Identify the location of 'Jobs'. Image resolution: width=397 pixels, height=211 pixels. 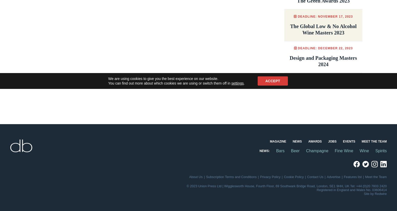
(332, 141).